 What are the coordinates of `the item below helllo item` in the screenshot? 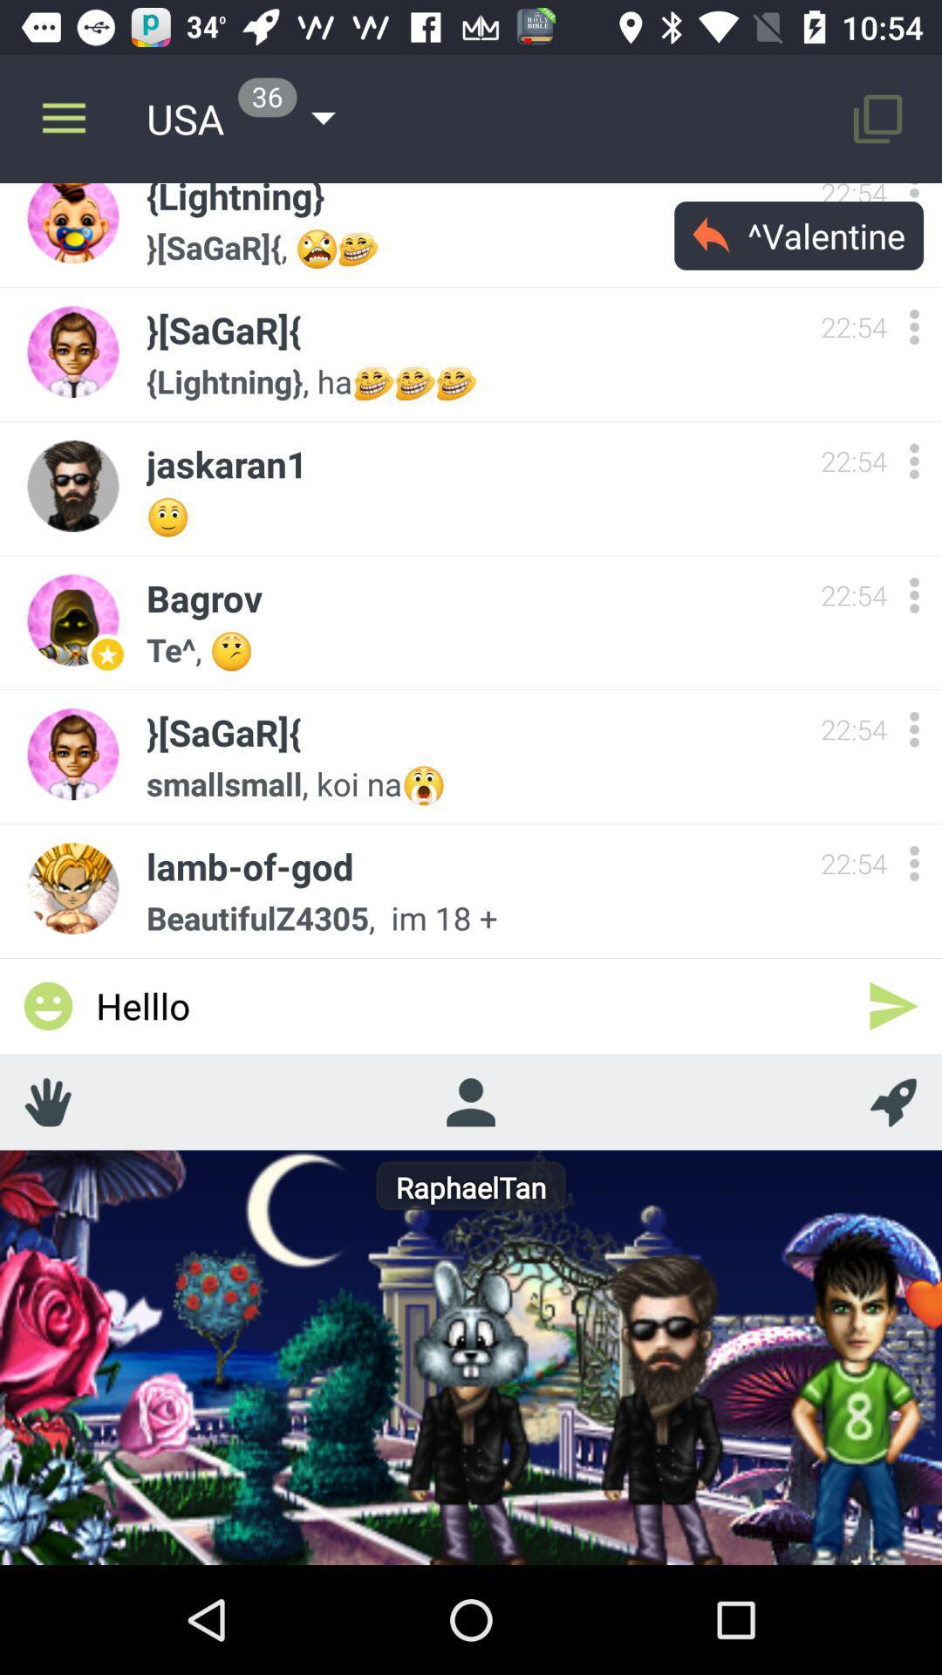 It's located at (469, 1101).